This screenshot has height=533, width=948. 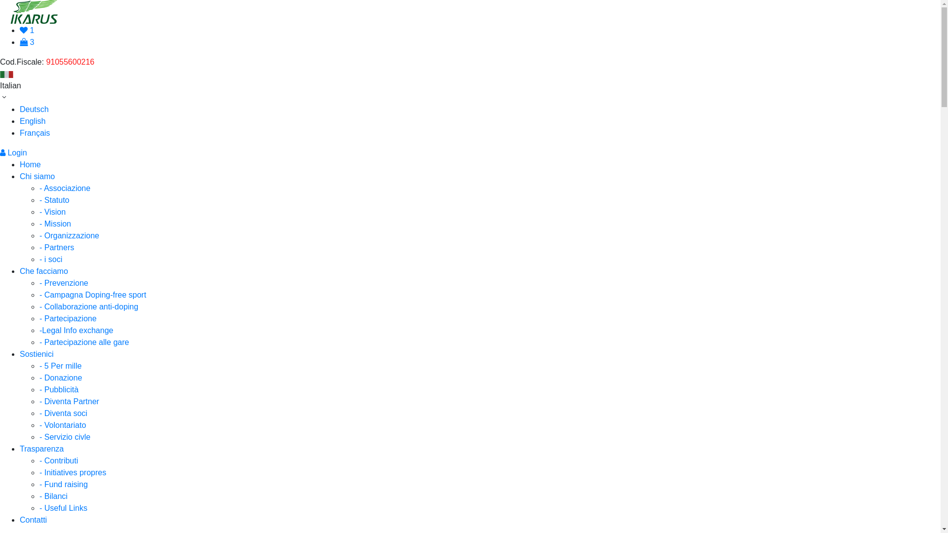 I want to click on '- Initiatives propres', so click(x=72, y=472).